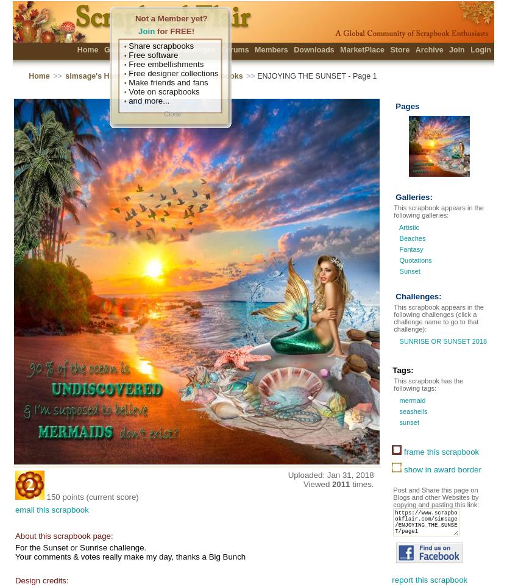 This screenshot has height=587, width=507. What do you see at coordinates (92, 496) in the screenshot?
I see `'150 points (current score)'` at bounding box center [92, 496].